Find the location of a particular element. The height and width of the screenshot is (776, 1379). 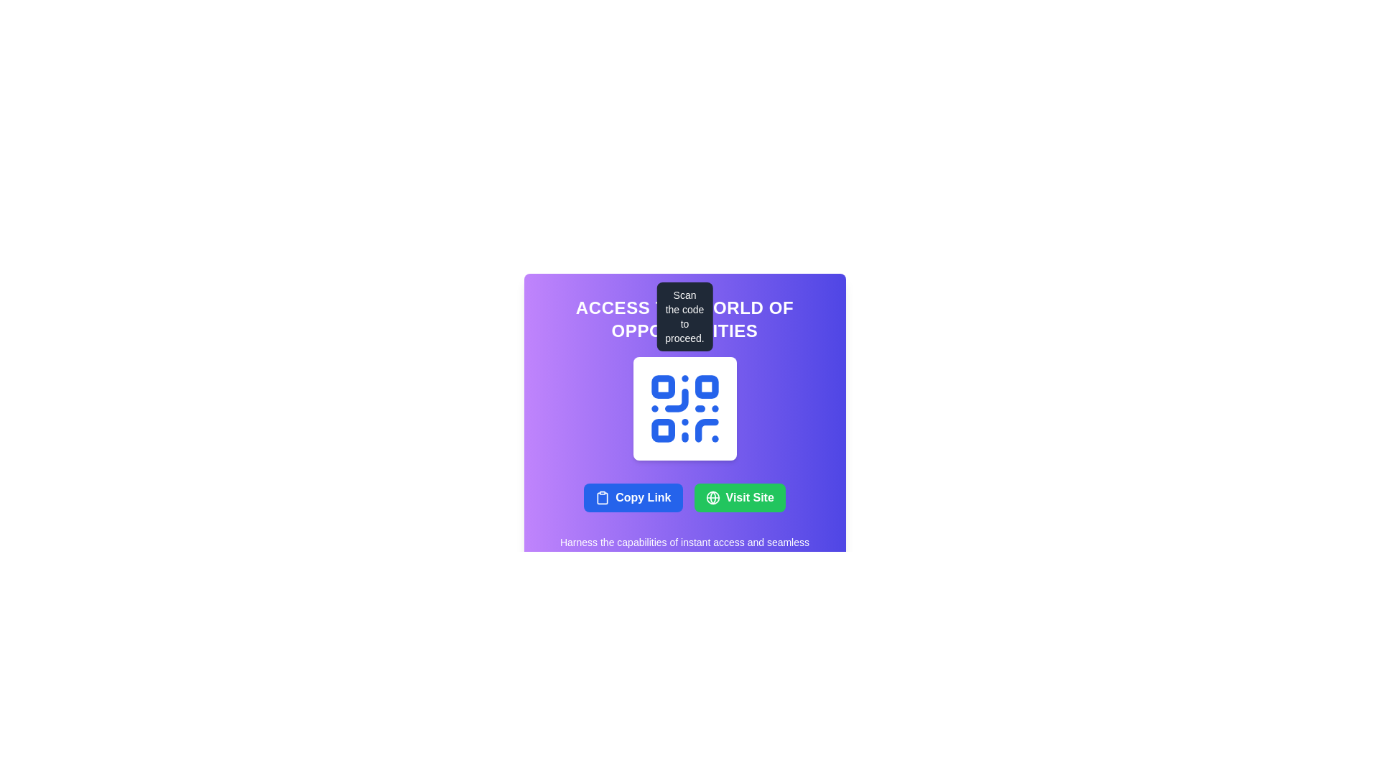

the clipboard icon located inside the 'Copy Link' button, to the left of the text label is located at coordinates (603, 497).